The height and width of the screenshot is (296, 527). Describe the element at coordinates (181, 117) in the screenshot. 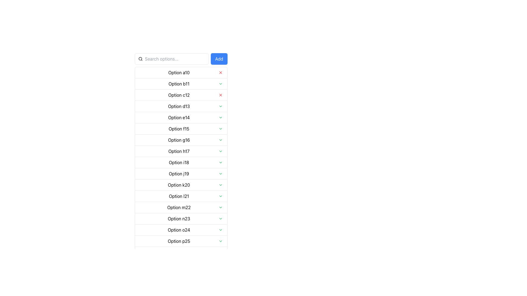

I see `the fifth entry in the selectable list, which is a List Item between 'Option d13' and 'Option f15'` at that location.